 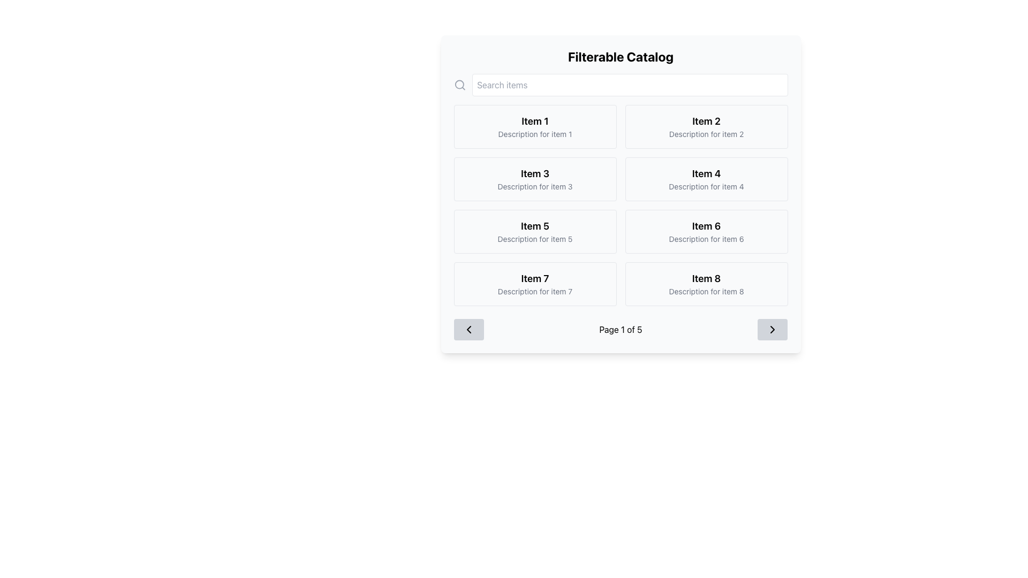 What do you see at coordinates (535, 179) in the screenshot?
I see `the rectangular card titled 'Item 3' that contains the description 'Description for item 3', located in the second row and first column of the grid layout` at bounding box center [535, 179].